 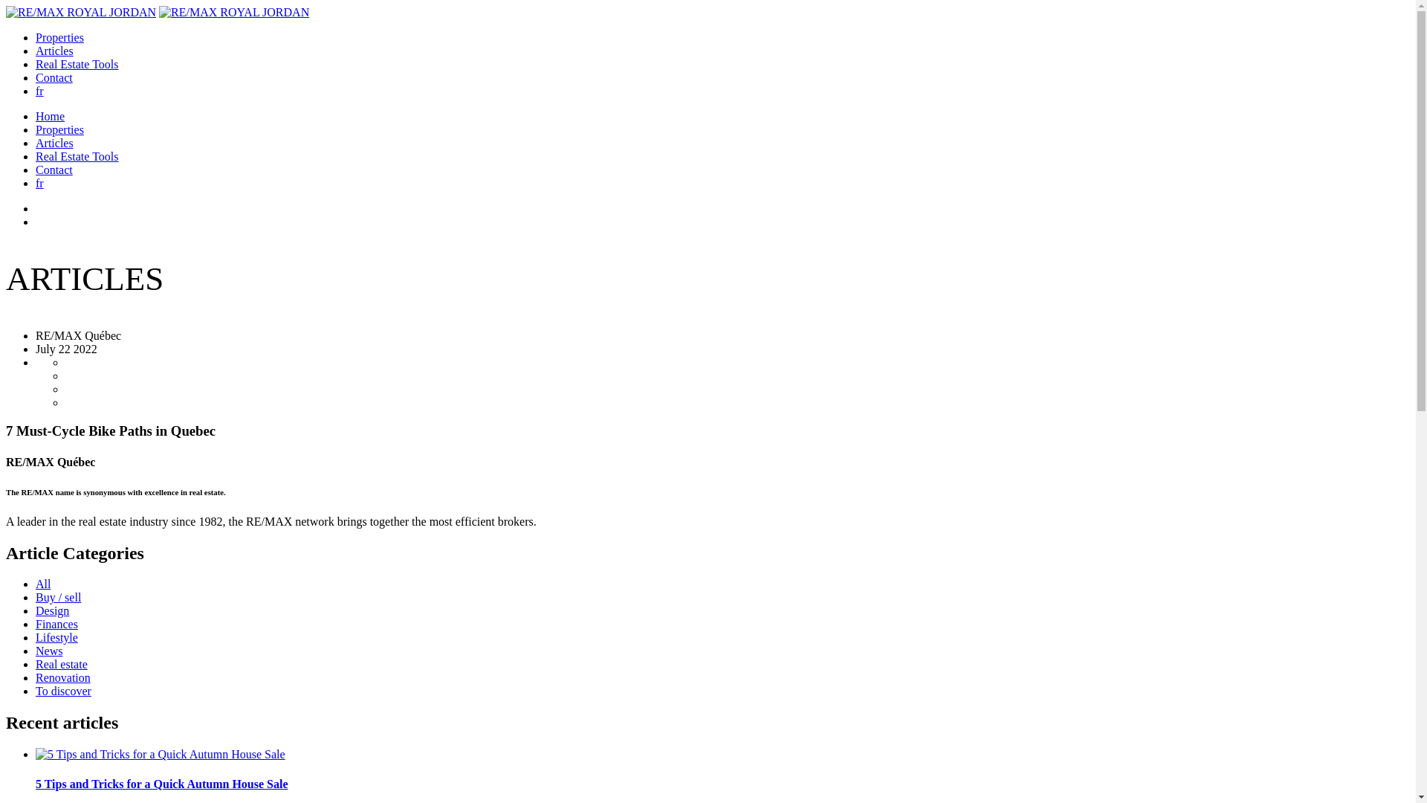 What do you see at coordinates (722, 784) in the screenshot?
I see `'5 Tips and Tricks for a Quick Autumn House Sale'` at bounding box center [722, 784].